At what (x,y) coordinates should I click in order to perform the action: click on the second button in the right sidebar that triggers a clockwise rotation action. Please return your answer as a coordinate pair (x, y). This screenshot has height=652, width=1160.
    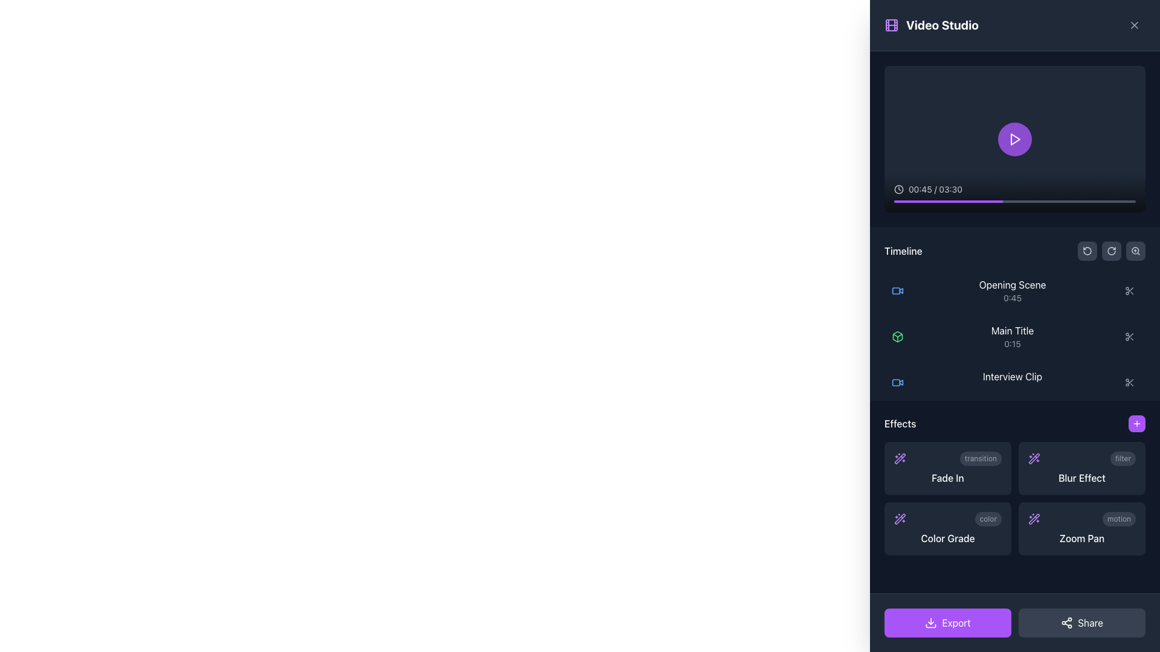
    Looking at the image, I should click on (1111, 251).